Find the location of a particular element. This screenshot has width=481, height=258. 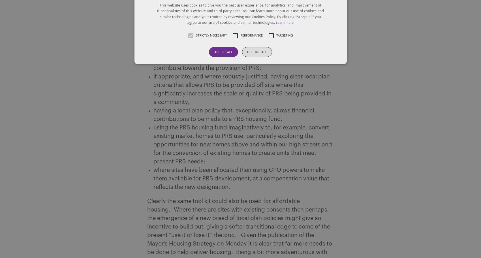

'Decline all' is located at coordinates (247, 51).